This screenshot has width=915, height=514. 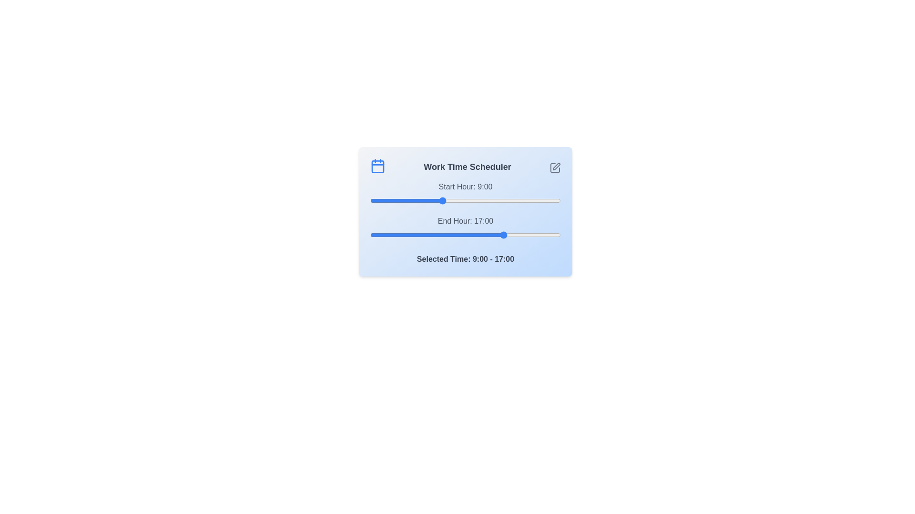 What do you see at coordinates (555, 168) in the screenshot?
I see `the edit icon to initiate editing` at bounding box center [555, 168].